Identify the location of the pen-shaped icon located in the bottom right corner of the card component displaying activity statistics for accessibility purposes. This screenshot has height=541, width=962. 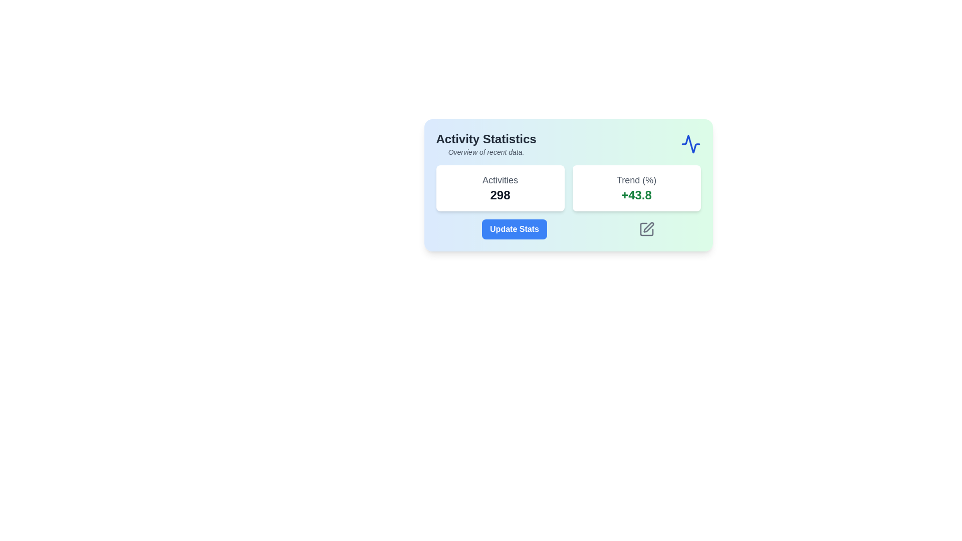
(648, 227).